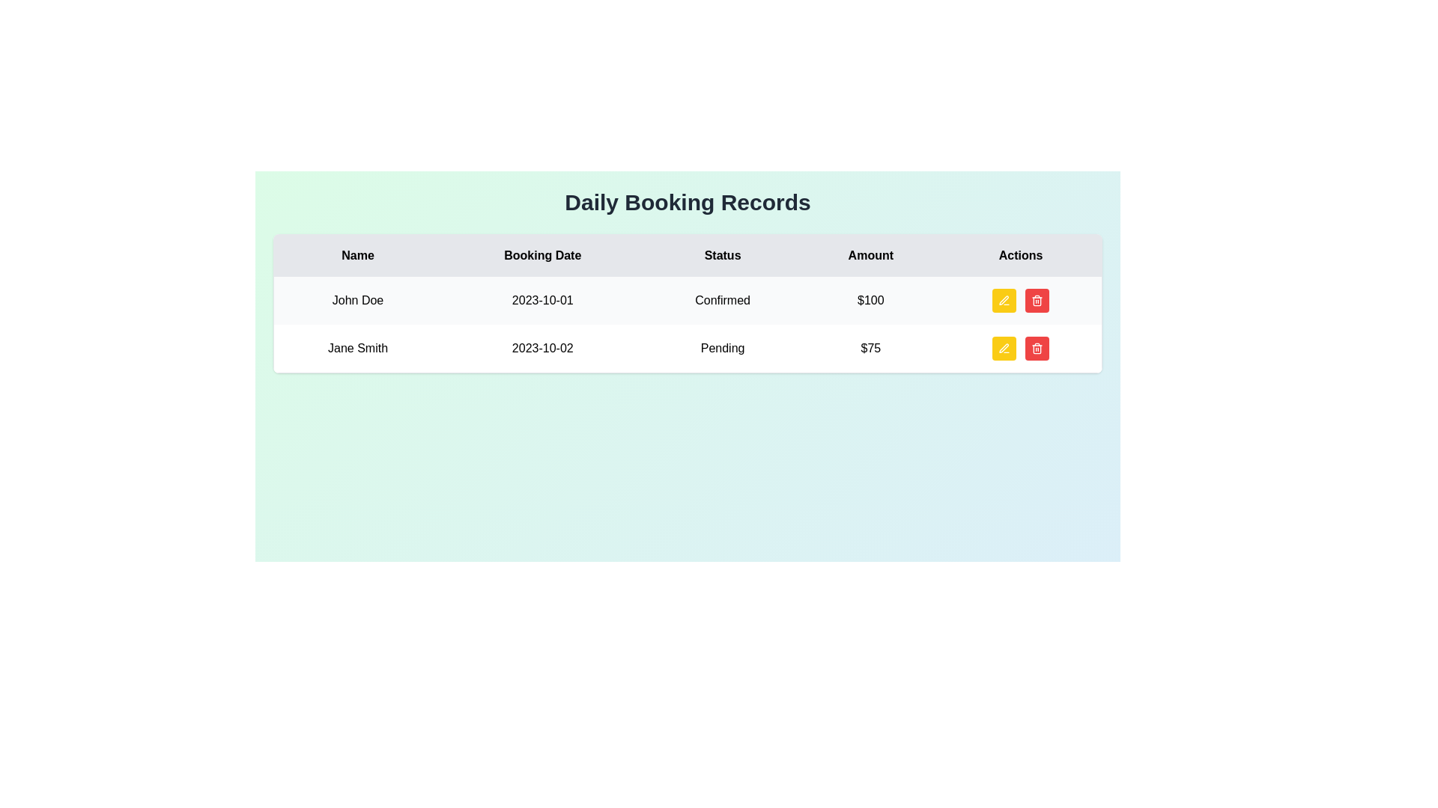  What do you see at coordinates (1037, 302) in the screenshot?
I see `the visuals of the delete icon within the Actions column of the second row in the table, which is represented by an SVG graphic` at bounding box center [1037, 302].